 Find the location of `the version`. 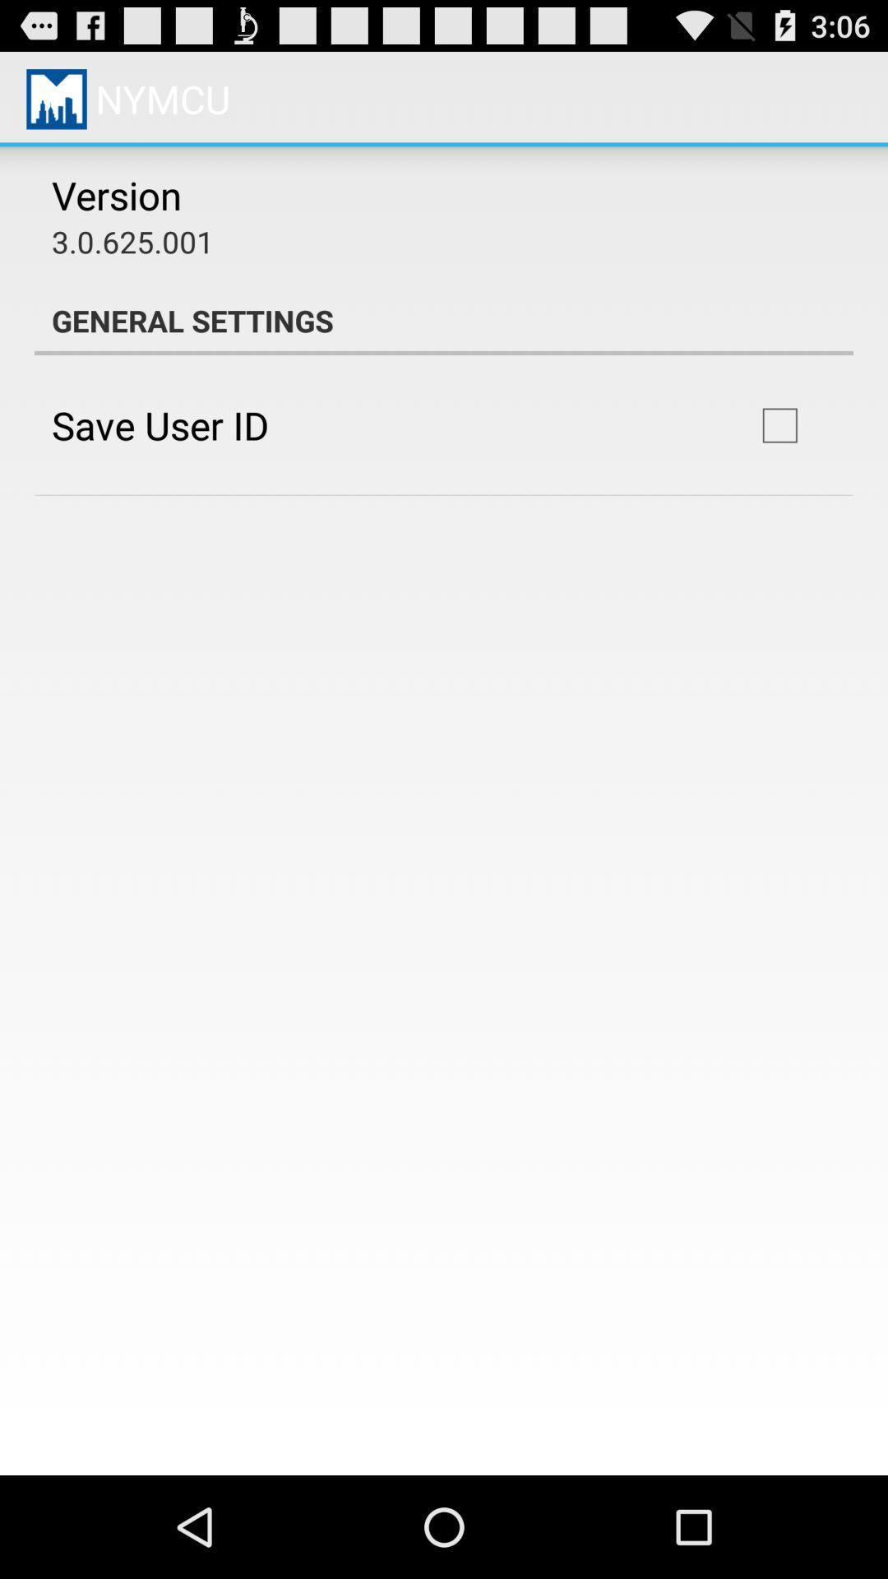

the version is located at coordinates (116, 195).